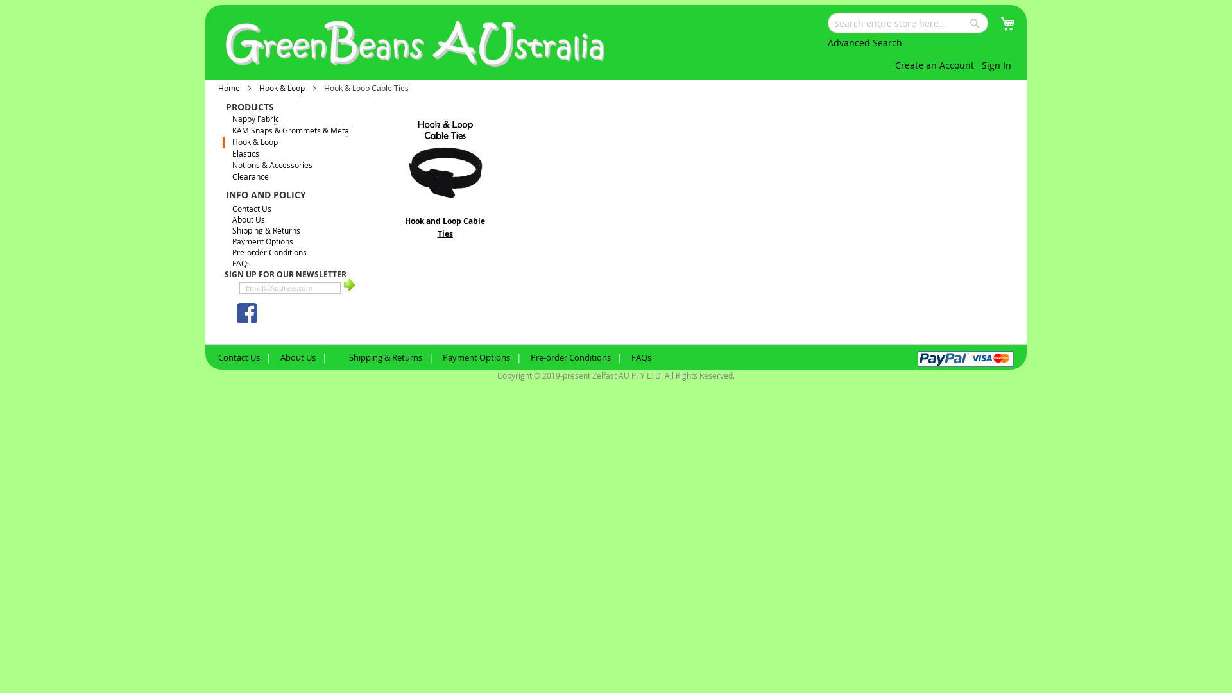 The height and width of the screenshot is (693, 1232). What do you see at coordinates (974, 22) in the screenshot?
I see `'Search'` at bounding box center [974, 22].